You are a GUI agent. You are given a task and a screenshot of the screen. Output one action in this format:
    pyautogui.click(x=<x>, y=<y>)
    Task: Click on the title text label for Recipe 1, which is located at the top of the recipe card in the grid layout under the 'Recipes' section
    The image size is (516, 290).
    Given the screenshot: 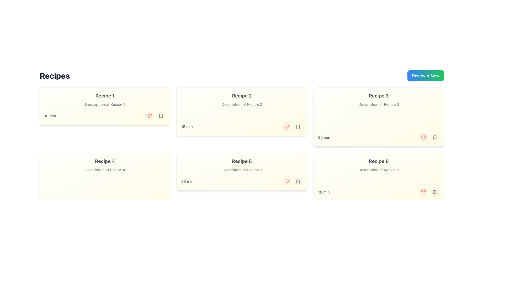 What is the action you would take?
    pyautogui.click(x=105, y=96)
    